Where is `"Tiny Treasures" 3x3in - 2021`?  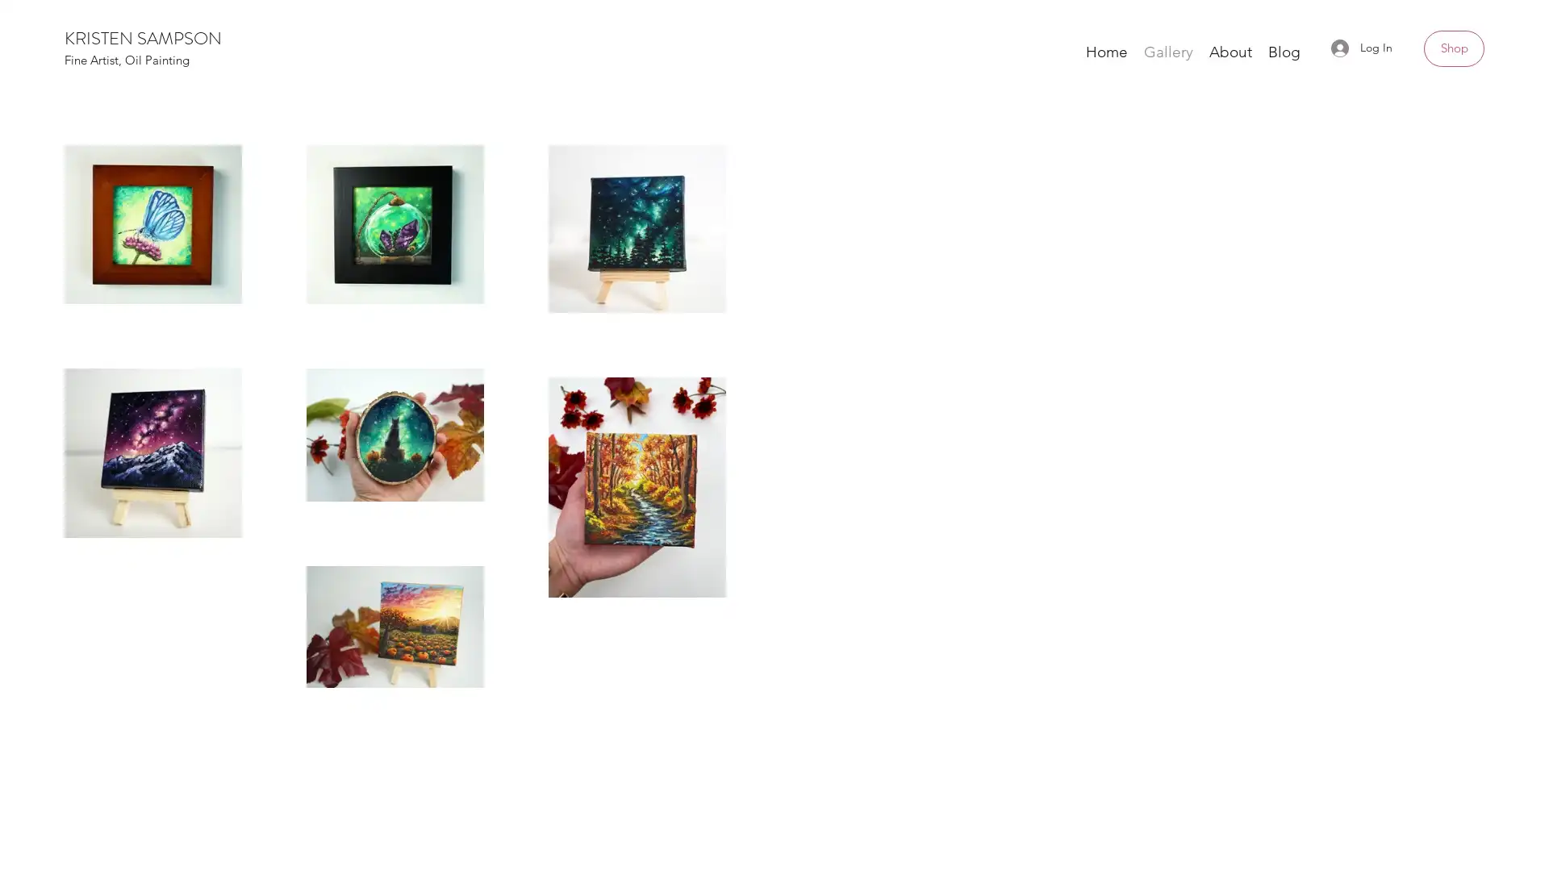
"Tiny Treasures" 3x3in - 2021 is located at coordinates (774, 337).